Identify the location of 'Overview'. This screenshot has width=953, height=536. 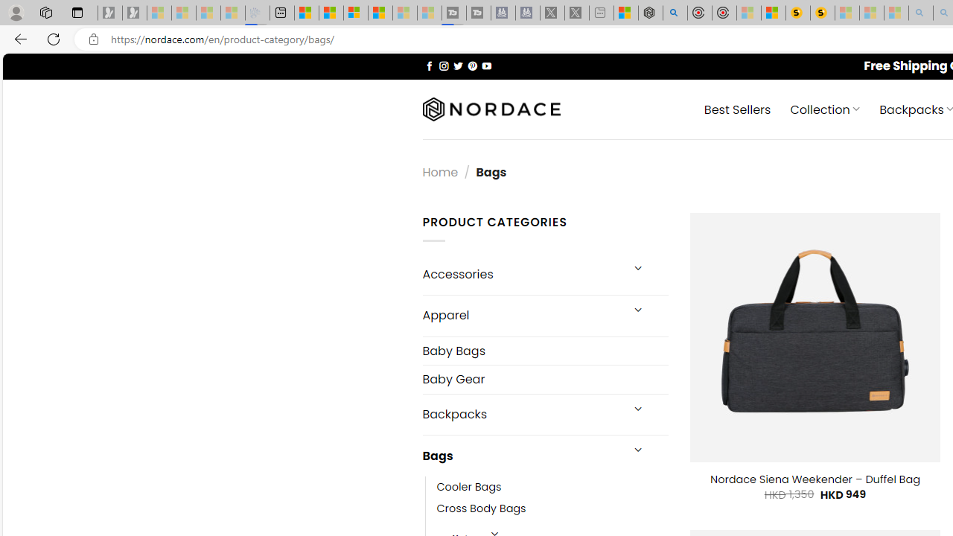
(355, 13).